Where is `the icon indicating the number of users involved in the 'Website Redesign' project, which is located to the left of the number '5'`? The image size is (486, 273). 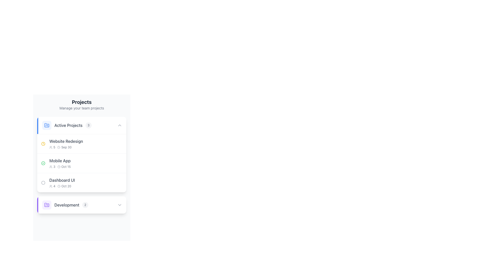 the icon indicating the number of users involved in the 'Website Redesign' project, which is located to the left of the number '5' is located at coordinates (51, 147).